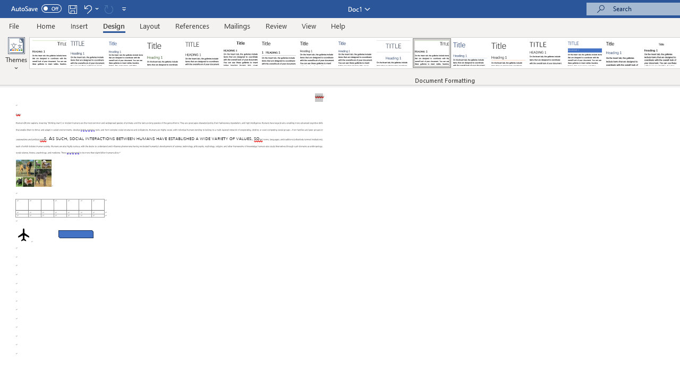  I want to click on 'Undo Apply Quick Style Set', so click(90, 8).